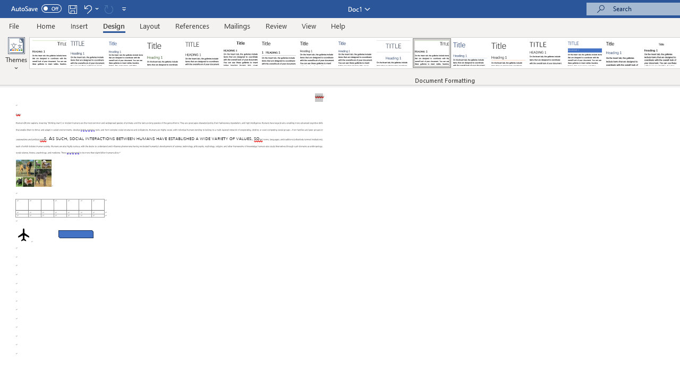  I want to click on 'Undo Apply Quick Style Set', so click(90, 8).